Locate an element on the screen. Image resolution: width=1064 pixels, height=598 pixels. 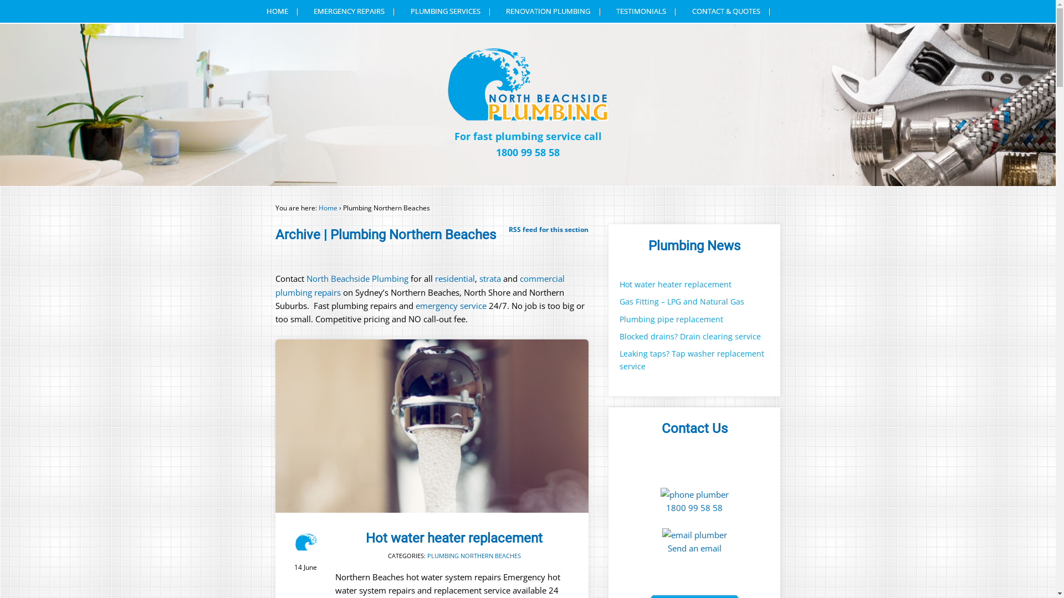
'strata' is located at coordinates (489, 277).